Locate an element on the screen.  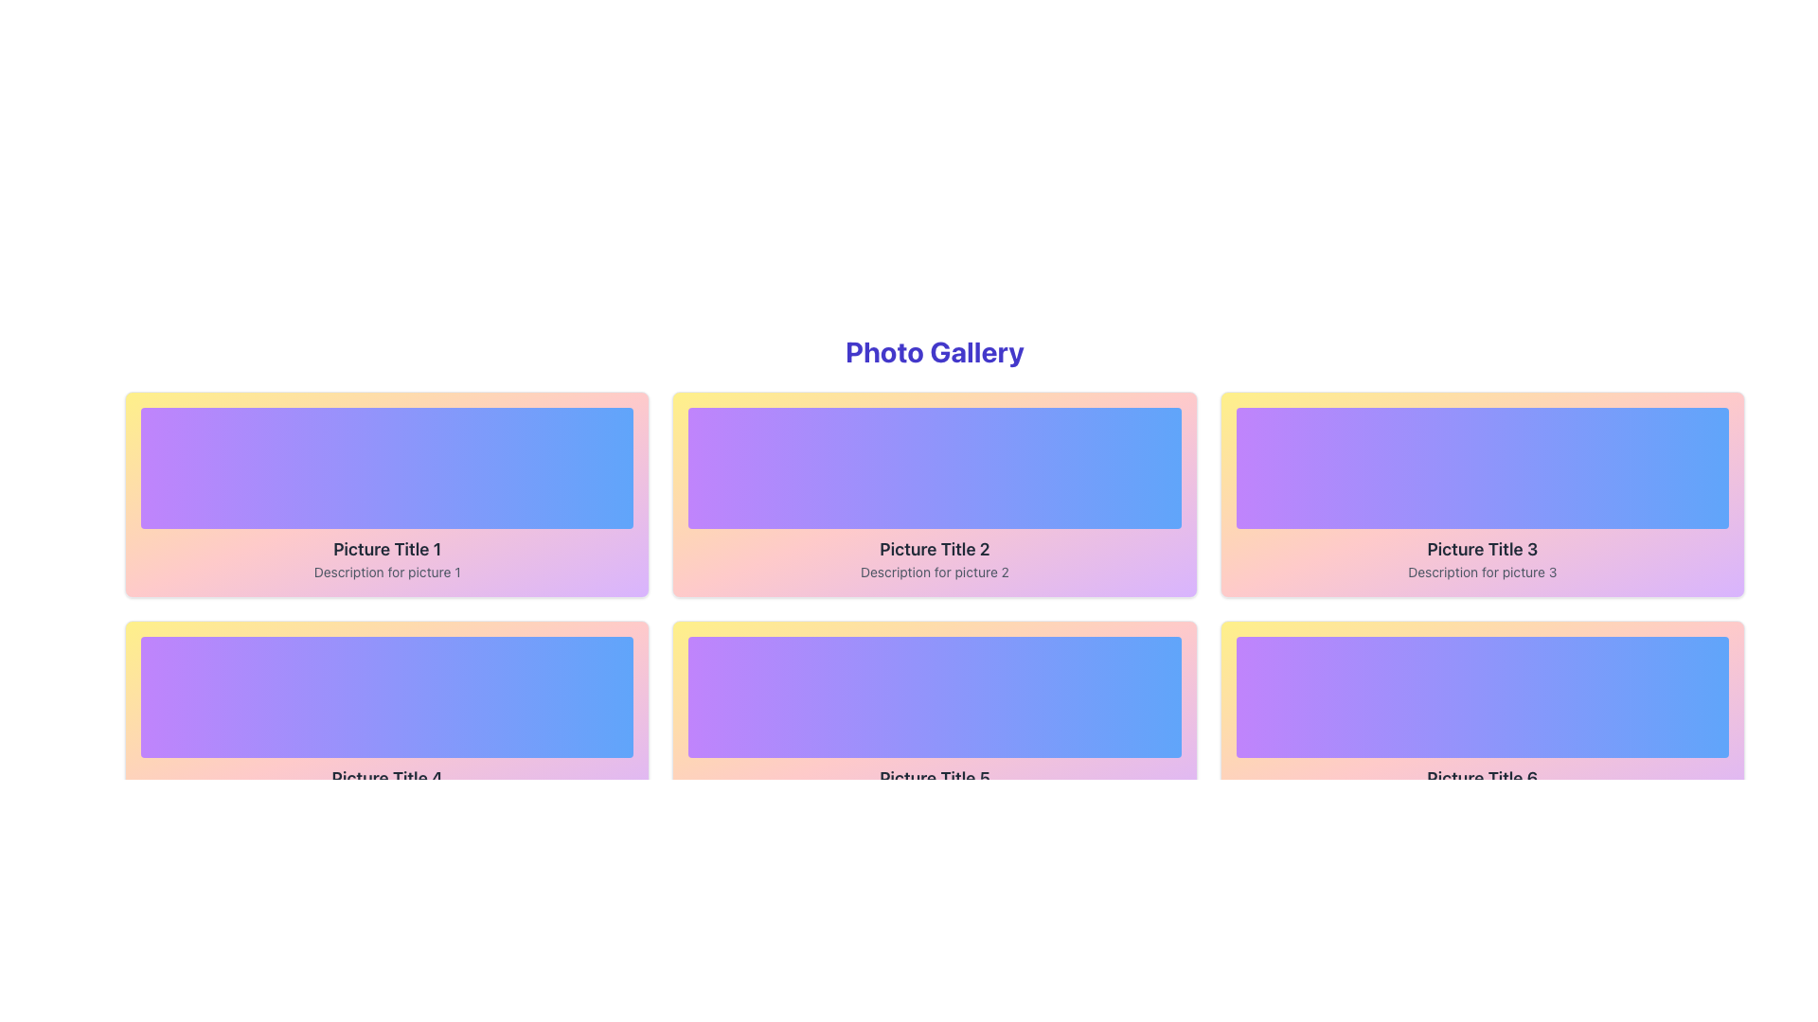
the Text label that provides additional descriptive information for the associated image or content below the title text 'Picture Title 1' in the first picture box is located at coordinates (386, 572).